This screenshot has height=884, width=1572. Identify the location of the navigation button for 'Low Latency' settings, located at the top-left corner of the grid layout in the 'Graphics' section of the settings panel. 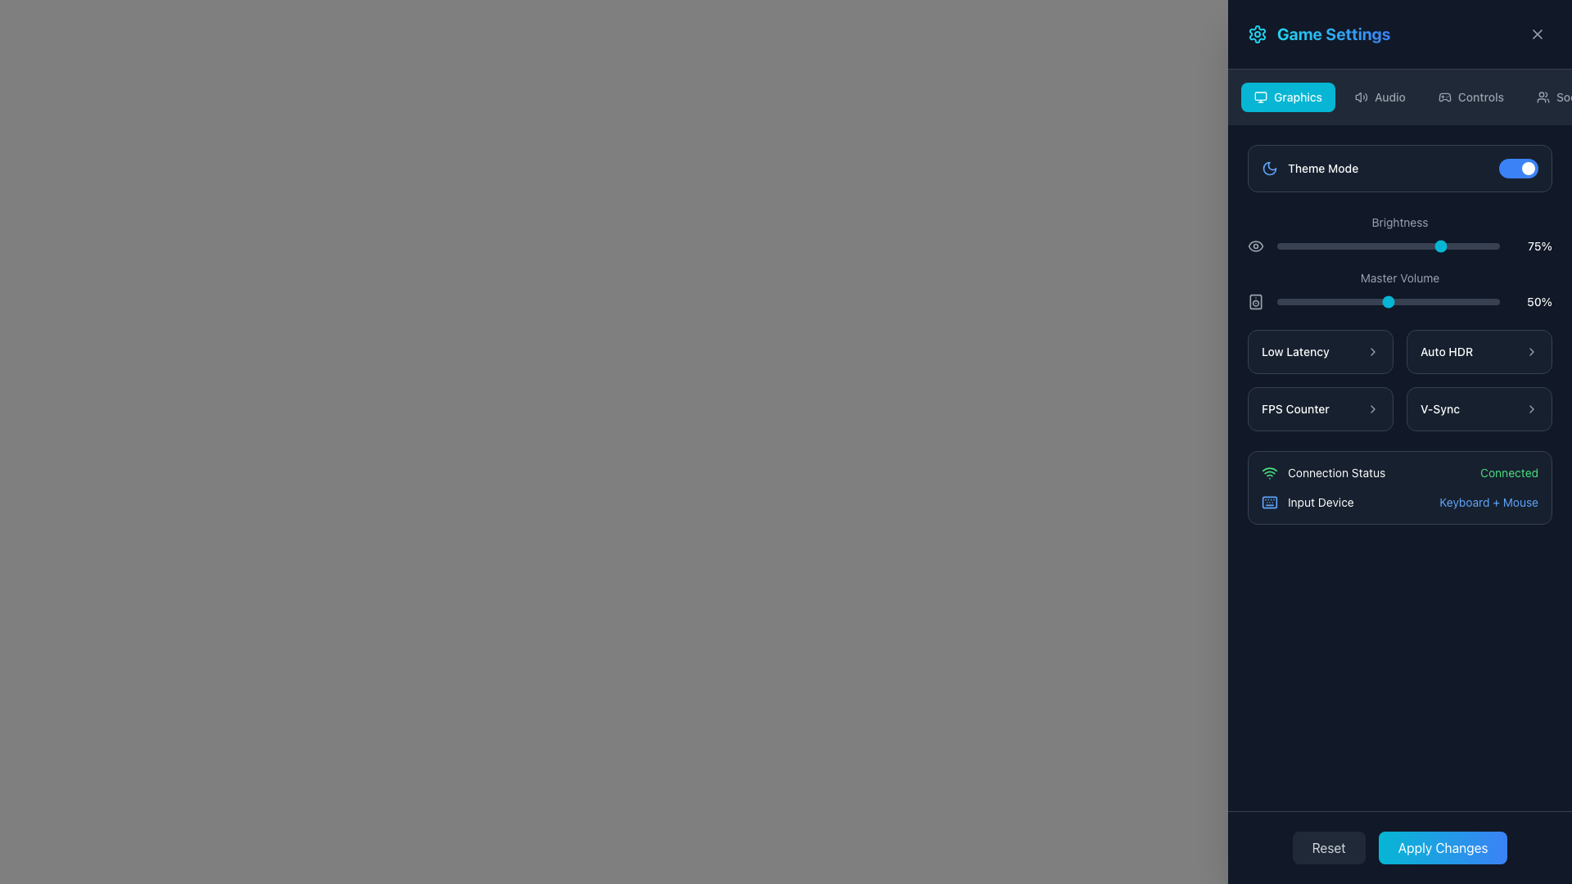
(1320, 350).